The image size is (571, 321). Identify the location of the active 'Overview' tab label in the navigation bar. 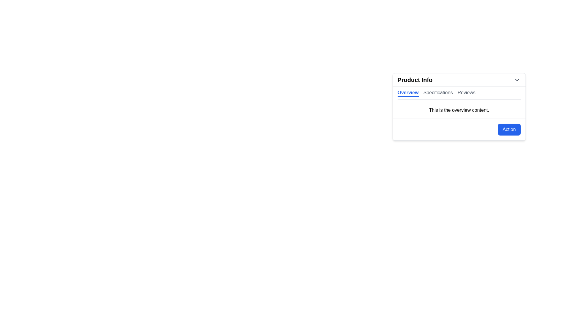
(408, 93).